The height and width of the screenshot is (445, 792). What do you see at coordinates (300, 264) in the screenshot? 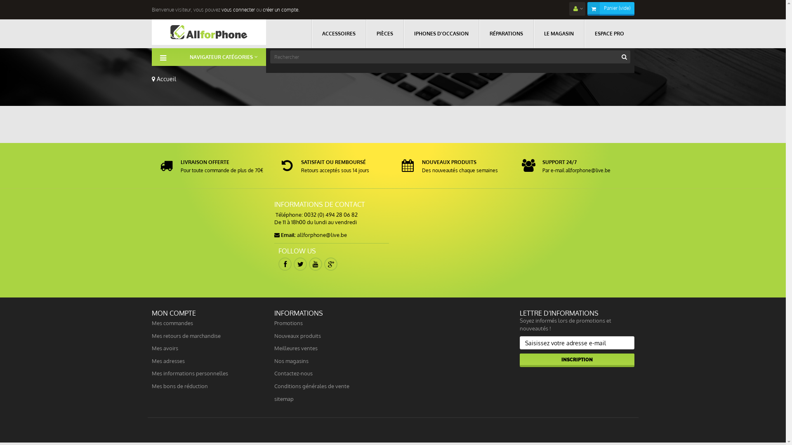
I see `'Twitter'` at bounding box center [300, 264].